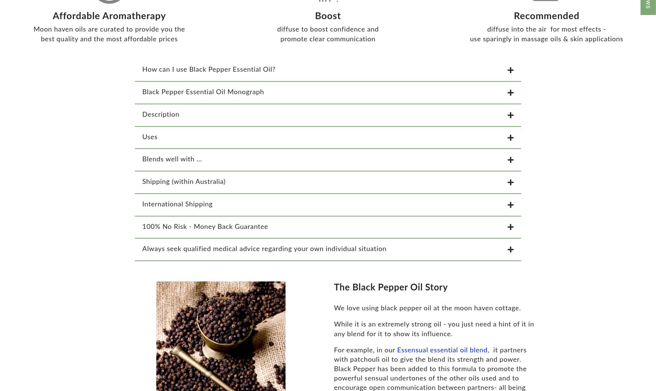 Image resolution: width=656 pixels, height=391 pixels. I want to click on 'use sparingly in massage oils & skin applications', so click(469, 43).